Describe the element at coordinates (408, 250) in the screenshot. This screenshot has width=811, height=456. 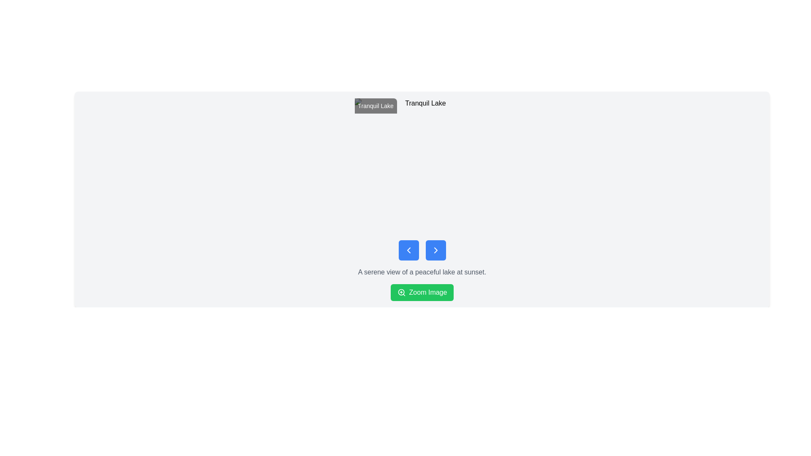
I see `the chevron indicator icon used for navigating to the previous item in the sequence, located inside the left navigation button area` at that location.